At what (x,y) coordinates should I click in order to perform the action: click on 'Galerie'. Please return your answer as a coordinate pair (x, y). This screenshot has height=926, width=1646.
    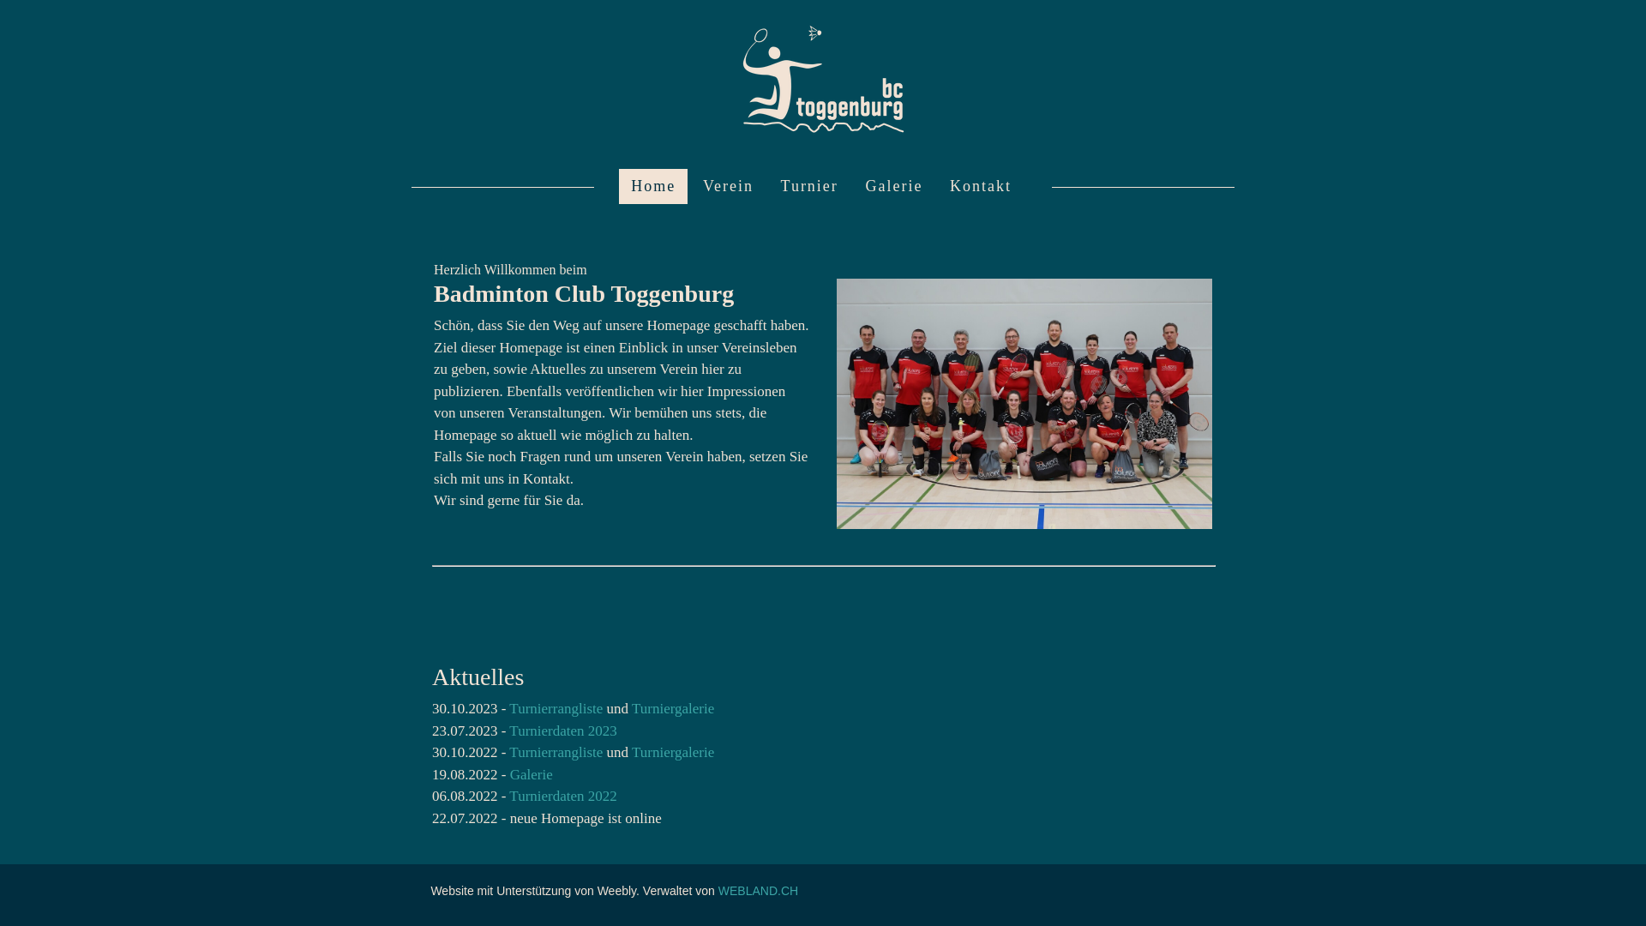
    Looking at the image, I should click on (530, 774).